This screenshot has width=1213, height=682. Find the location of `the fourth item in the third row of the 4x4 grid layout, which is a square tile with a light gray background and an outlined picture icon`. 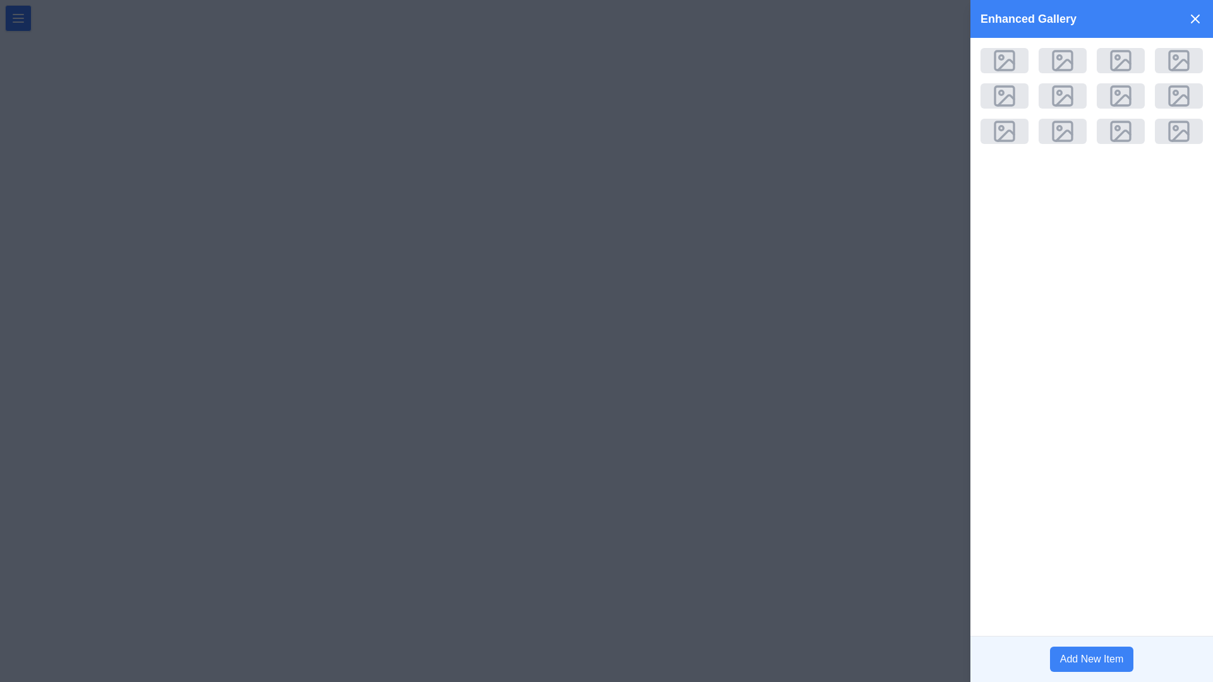

the fourth item in the third row of the 4x4 grid layout, which is a square tile with a light gray background and an outlined picture icon is located at coordinates (1121, 95).